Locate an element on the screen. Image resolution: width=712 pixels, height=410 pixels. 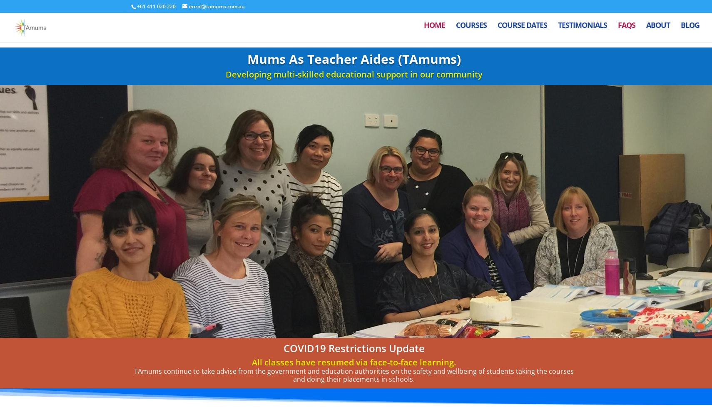
'Course Dates' is located at coordinates (522, 30).